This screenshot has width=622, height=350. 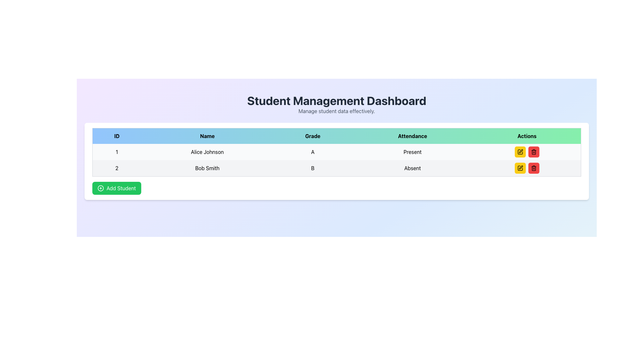 I want to click on the 'Edit' icon button located in the 'Actions' column of the second row in the data table, so click(x=520, y=168).